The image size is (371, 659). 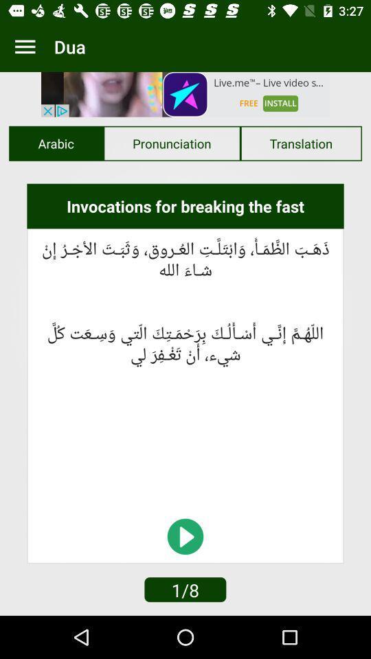 I want to click on the explore icon, so click(x=185, y=536).